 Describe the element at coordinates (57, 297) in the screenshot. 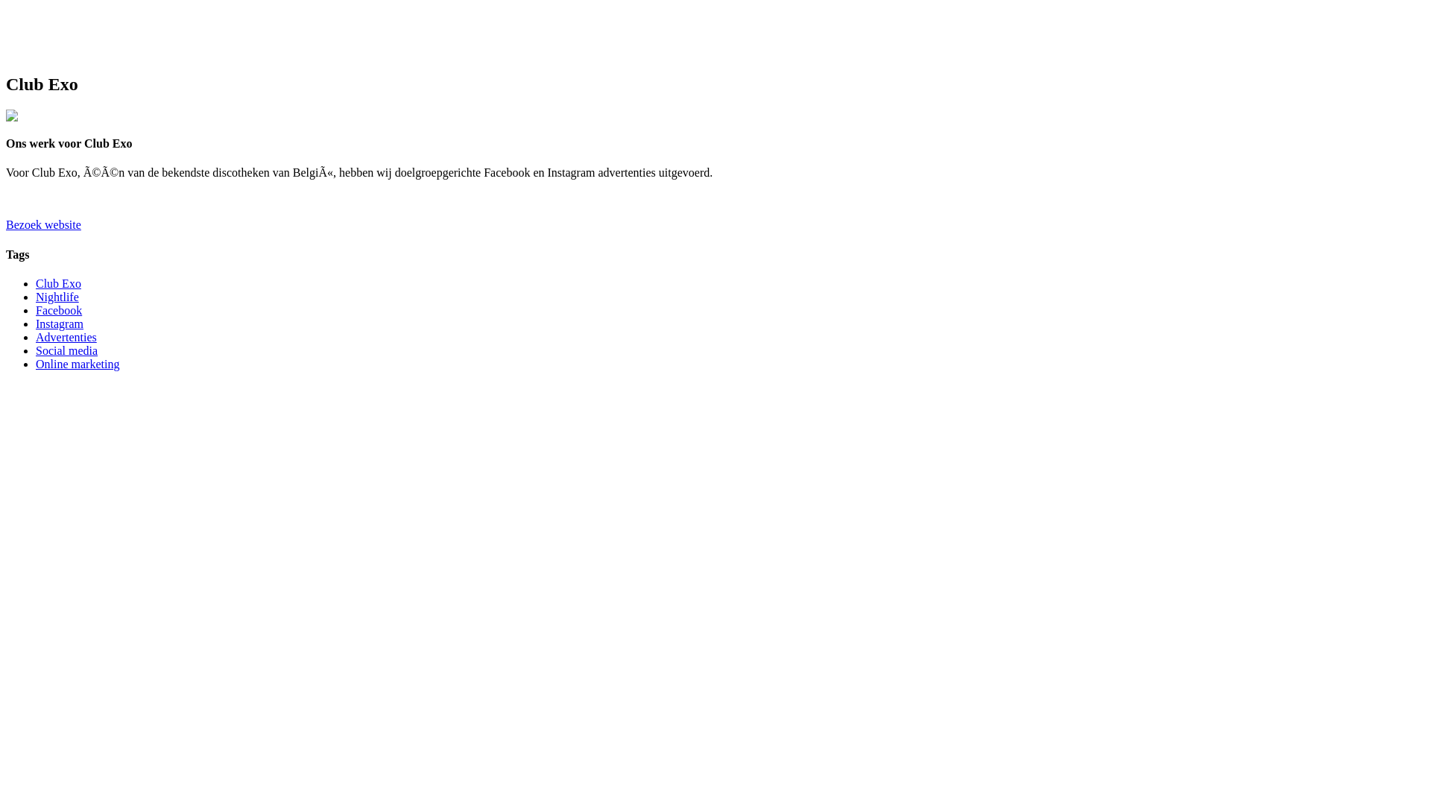

I see `'Nightlife'` at that location.